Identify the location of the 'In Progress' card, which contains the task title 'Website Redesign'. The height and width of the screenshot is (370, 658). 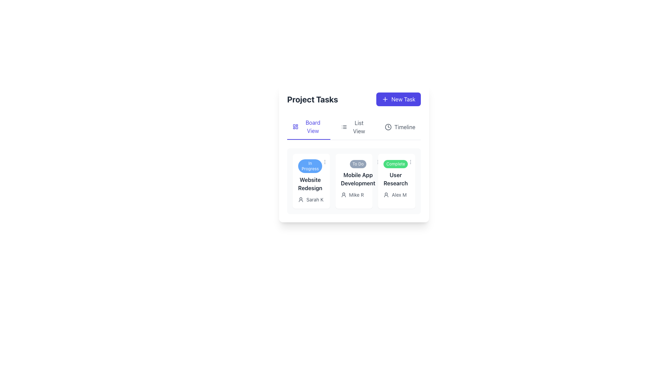
(310, 175).